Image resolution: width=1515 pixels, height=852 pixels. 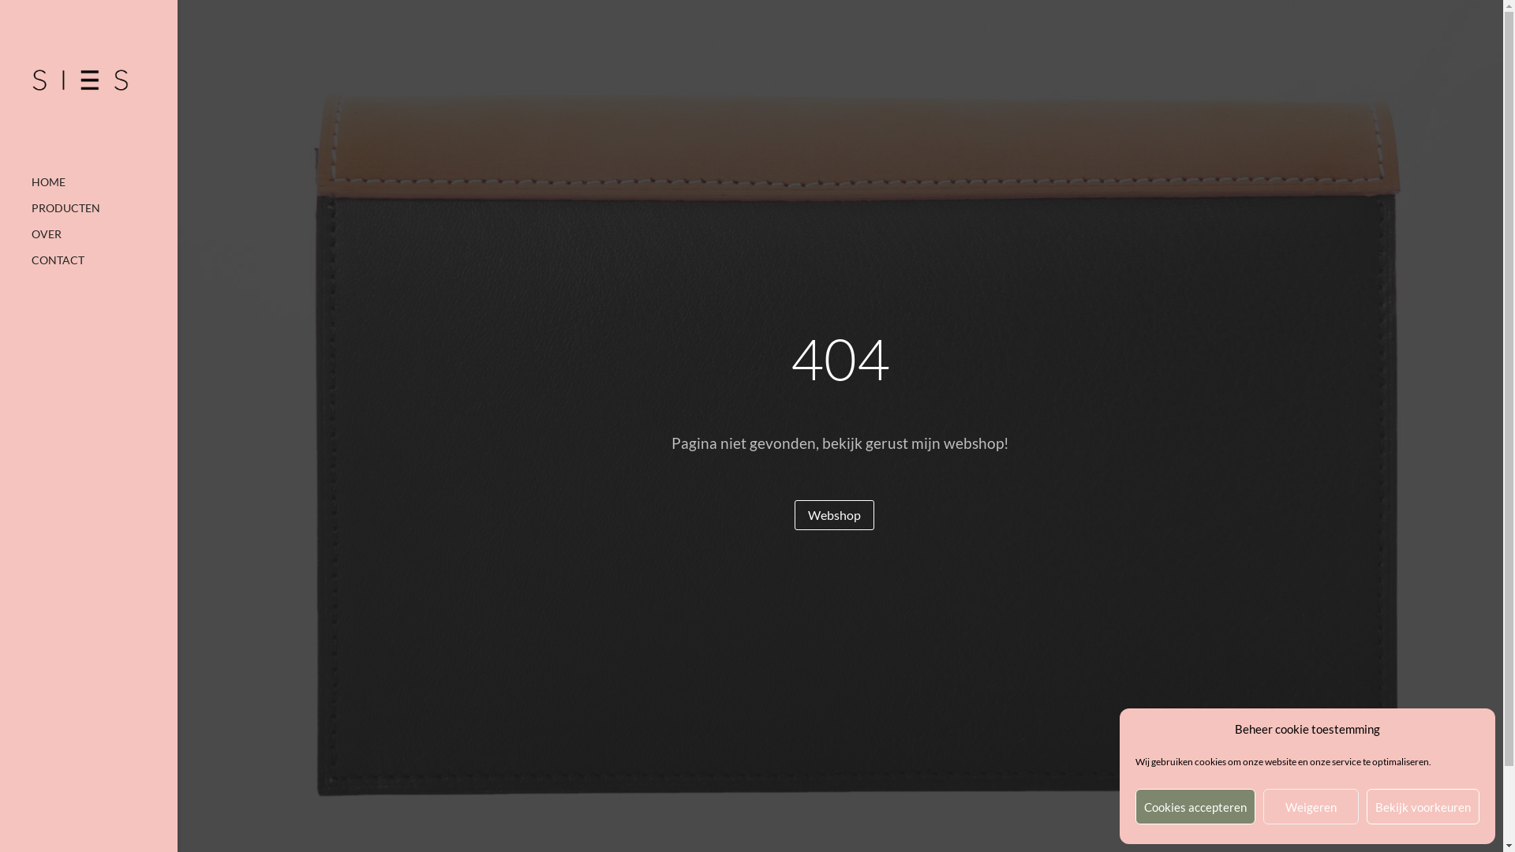 I want to click on 'Bekijk voorkeuren', so click(x=1423, y=806).